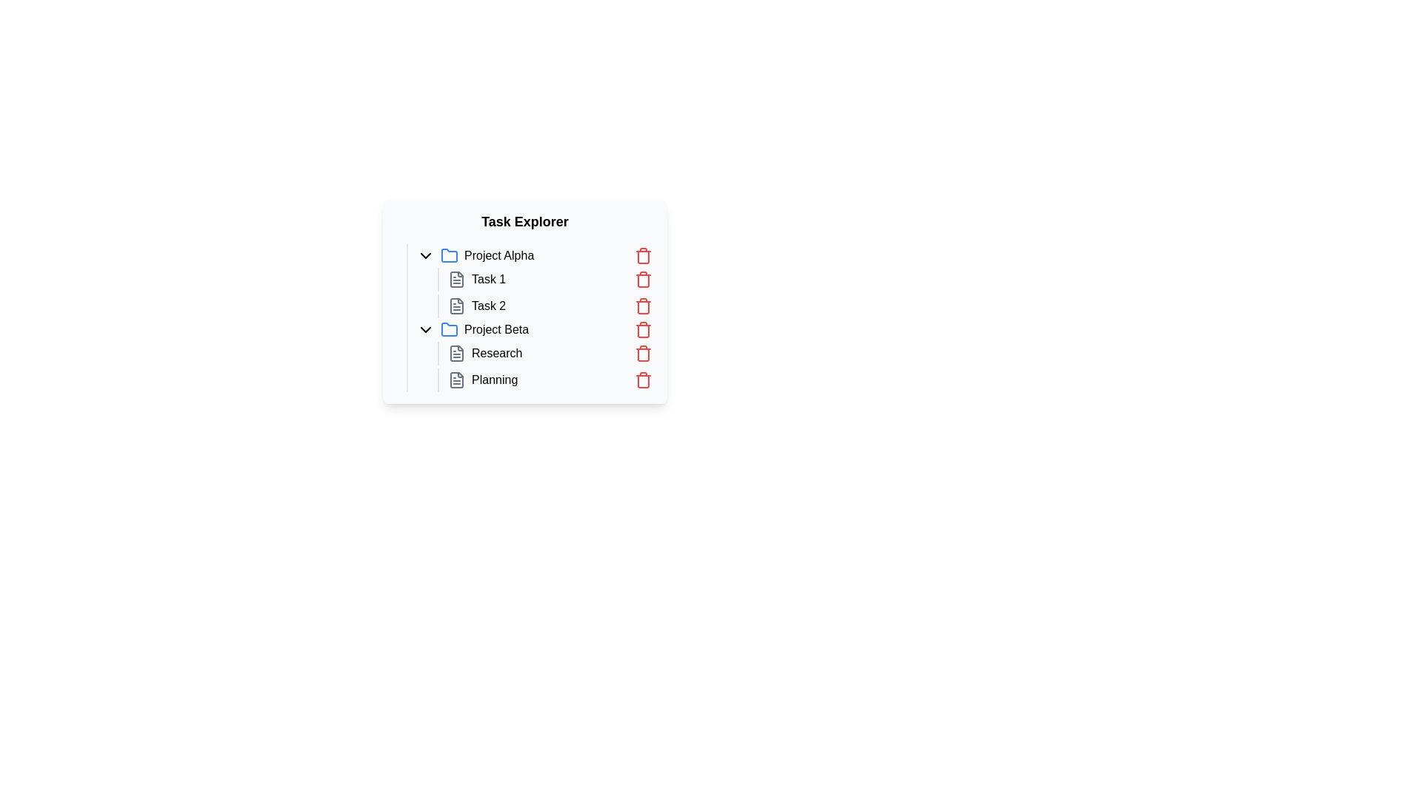 This screenshot has height=799, width=1422. What do you see at coordinates (550, 305) in the screenshot?
I see `the 'Task 2' task representation in the task explorer` at bounding box center [550, 305].